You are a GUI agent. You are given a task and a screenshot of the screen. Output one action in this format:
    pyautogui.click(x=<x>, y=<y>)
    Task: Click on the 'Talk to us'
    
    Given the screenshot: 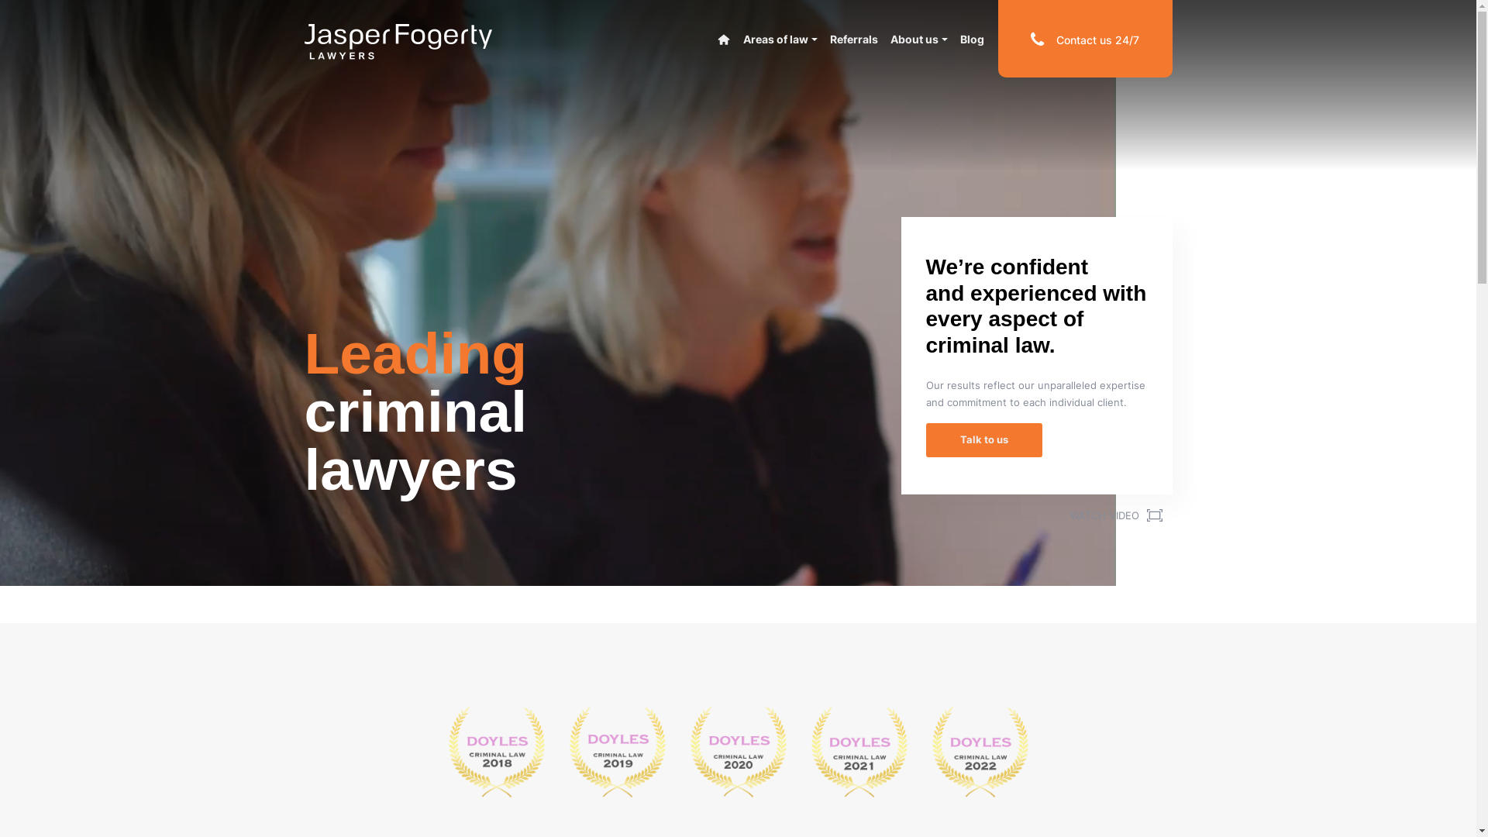 What is the action you would take?
    pyautogui.click(x=982, y=439)
    